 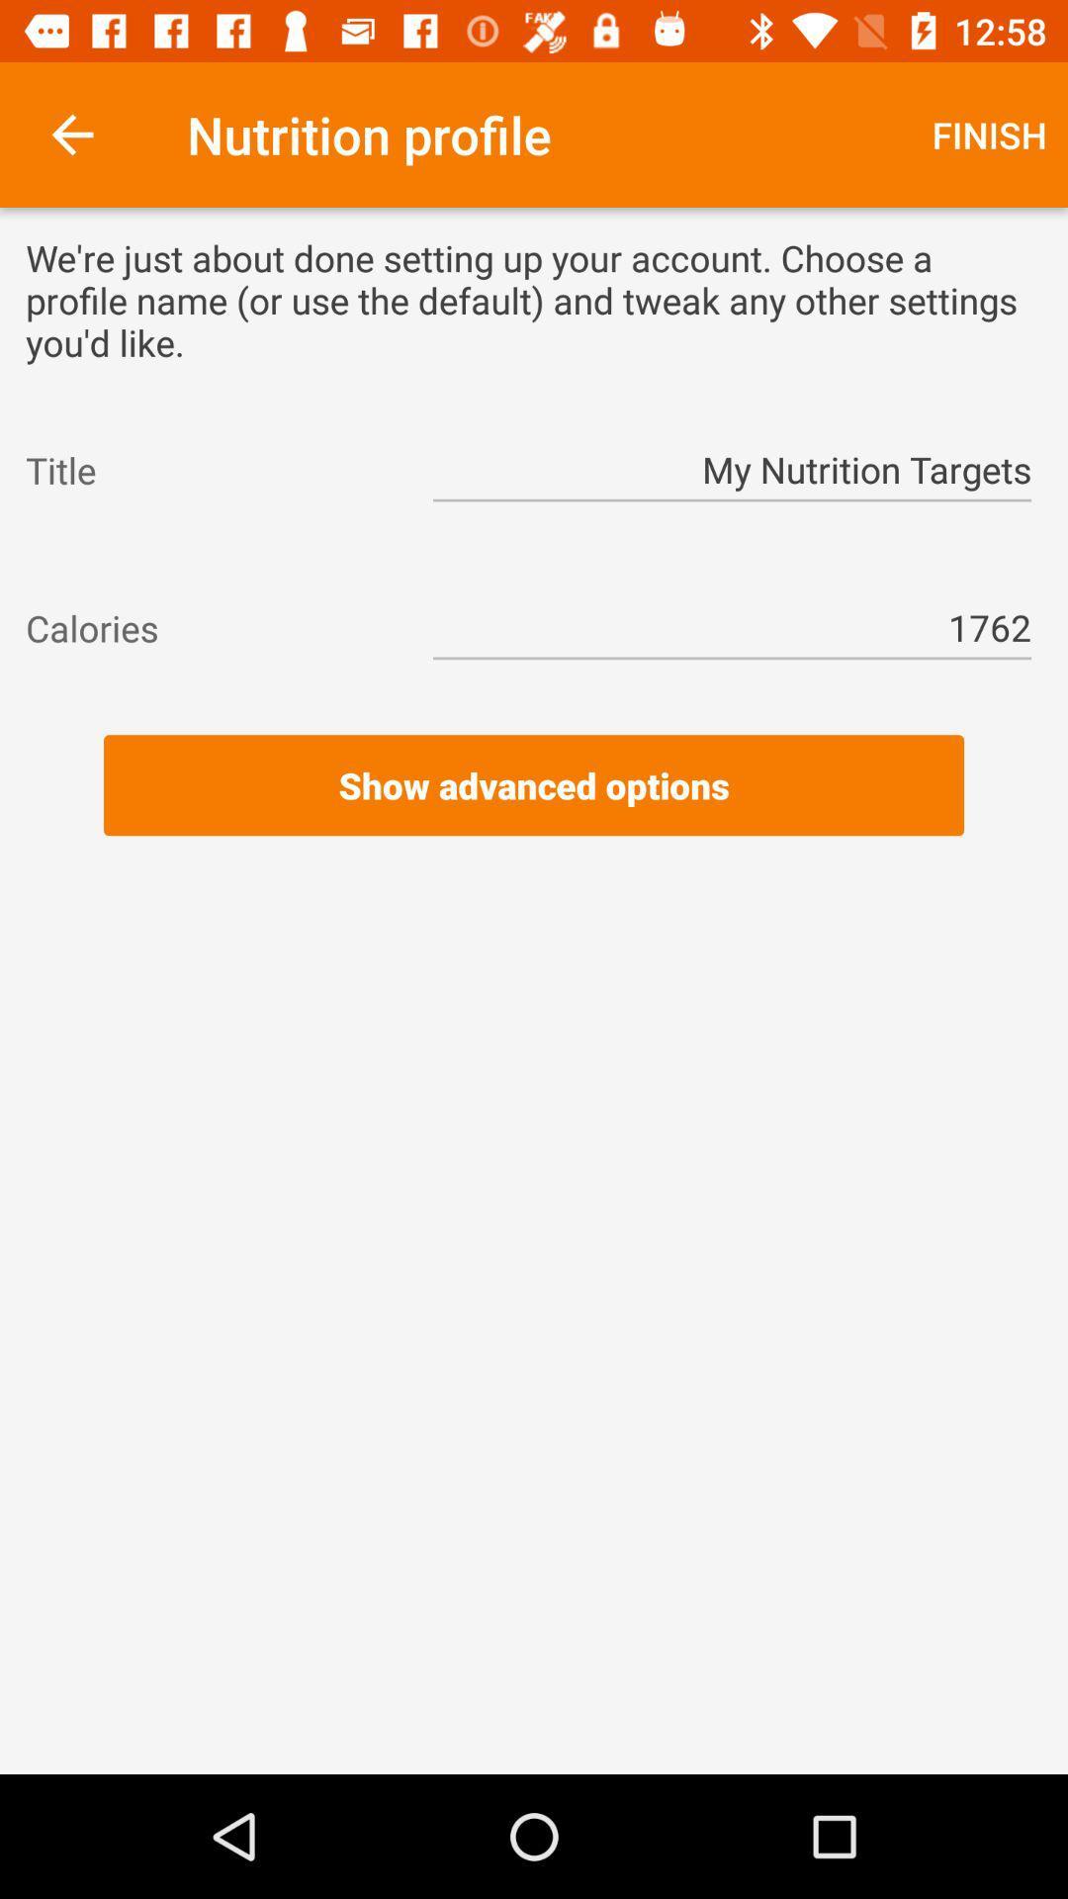 What do you see at coordinates (732, 469) in the screenshot?
I see `my nutrition targets item` at bounding box center [732, 469].